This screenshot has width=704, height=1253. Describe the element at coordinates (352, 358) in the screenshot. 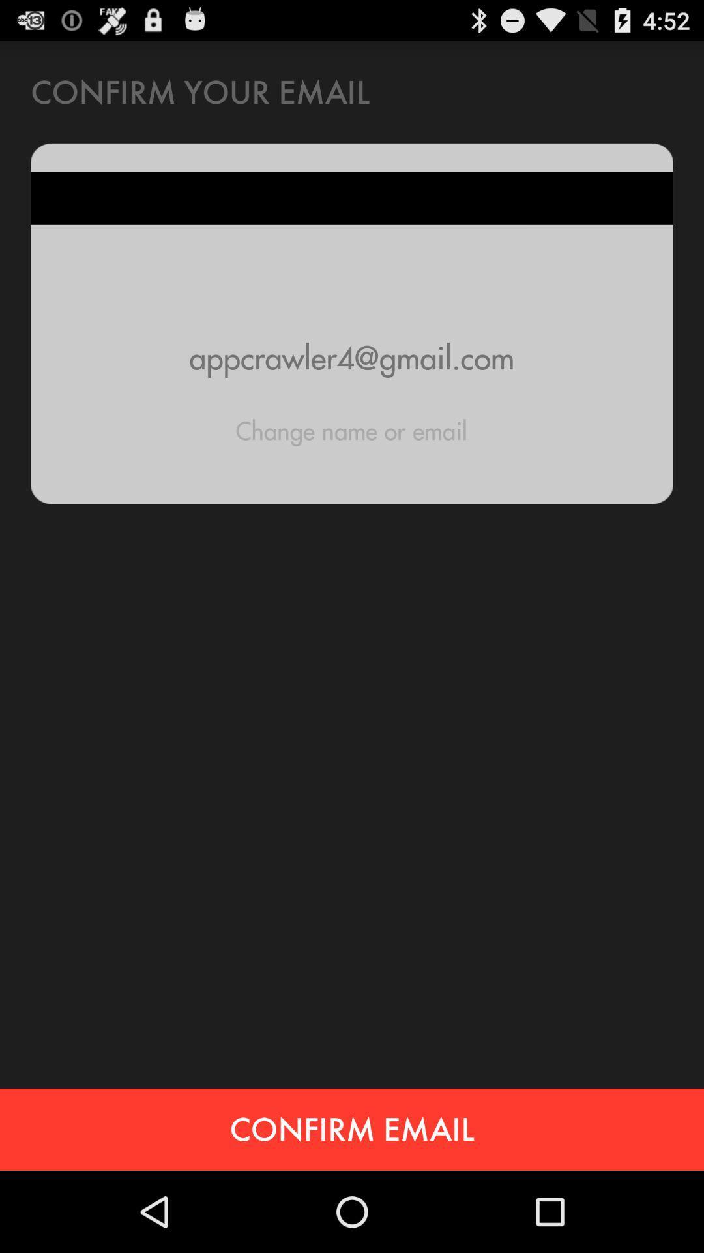

I see `item above the change name or icon` at that location.